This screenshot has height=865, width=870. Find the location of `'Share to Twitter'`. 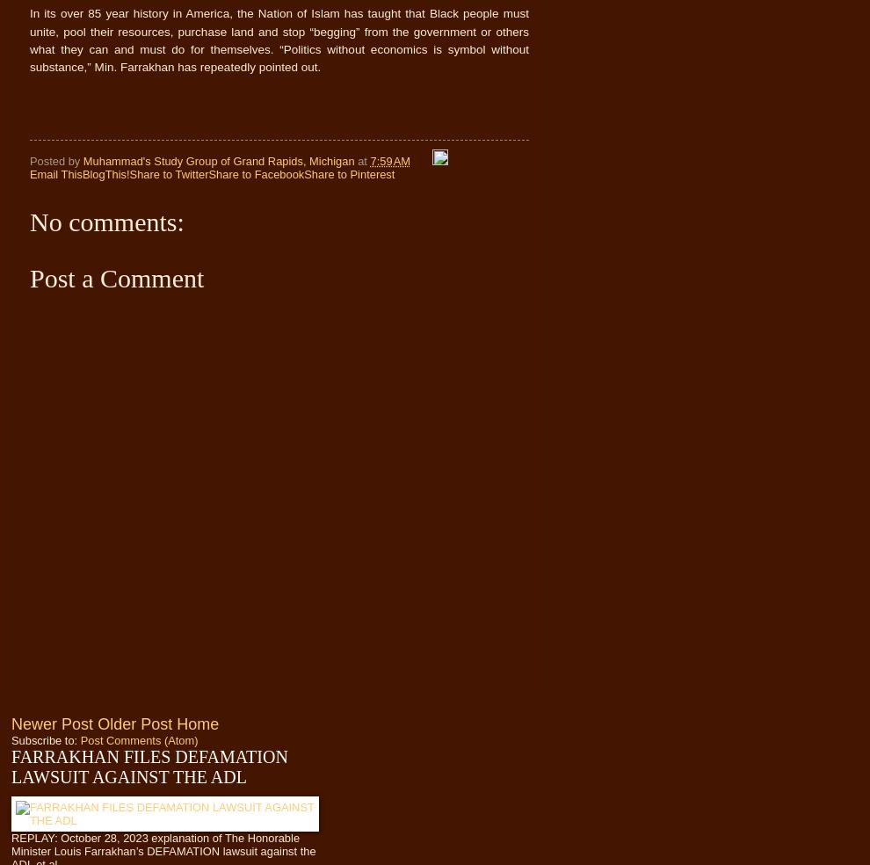

'Share to Twitter' is located at coordinates (168, 174).